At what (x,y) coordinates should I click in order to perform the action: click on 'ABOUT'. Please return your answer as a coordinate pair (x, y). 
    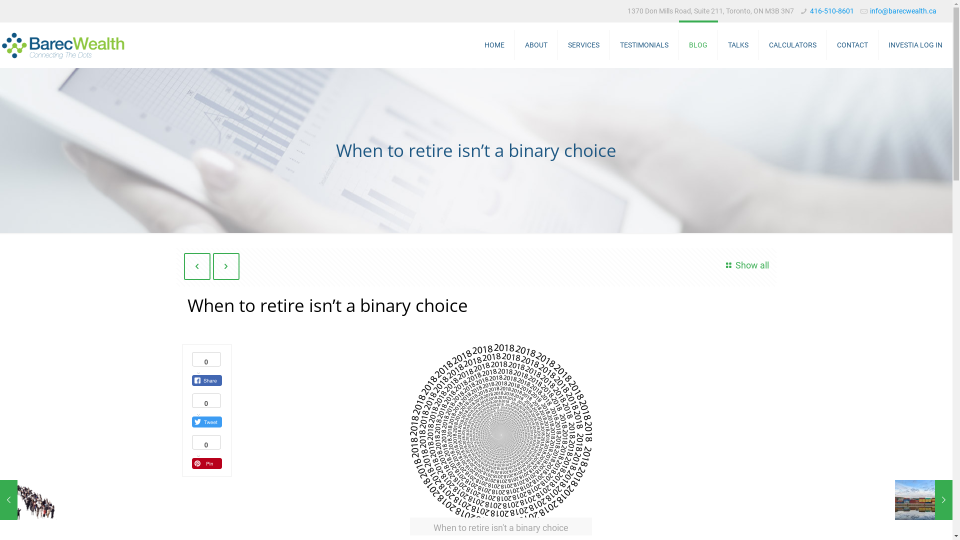
    Looking at the image, I should click on (536, 44).